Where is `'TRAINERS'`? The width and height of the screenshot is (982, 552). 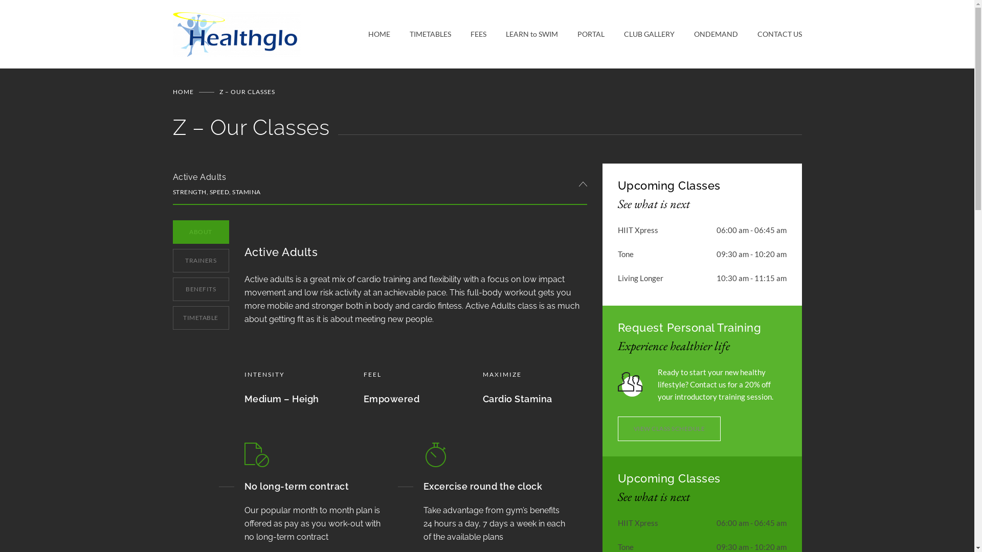
'TRAINERS' is located at coordinates (172, 260).